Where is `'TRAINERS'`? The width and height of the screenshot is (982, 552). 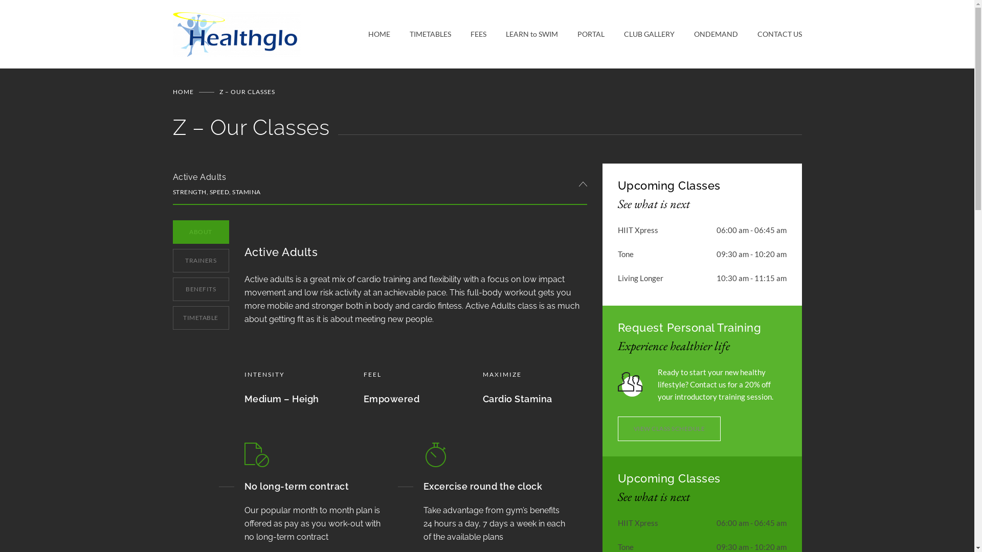
'TRAINERS' is located at coordinates (172, 260).